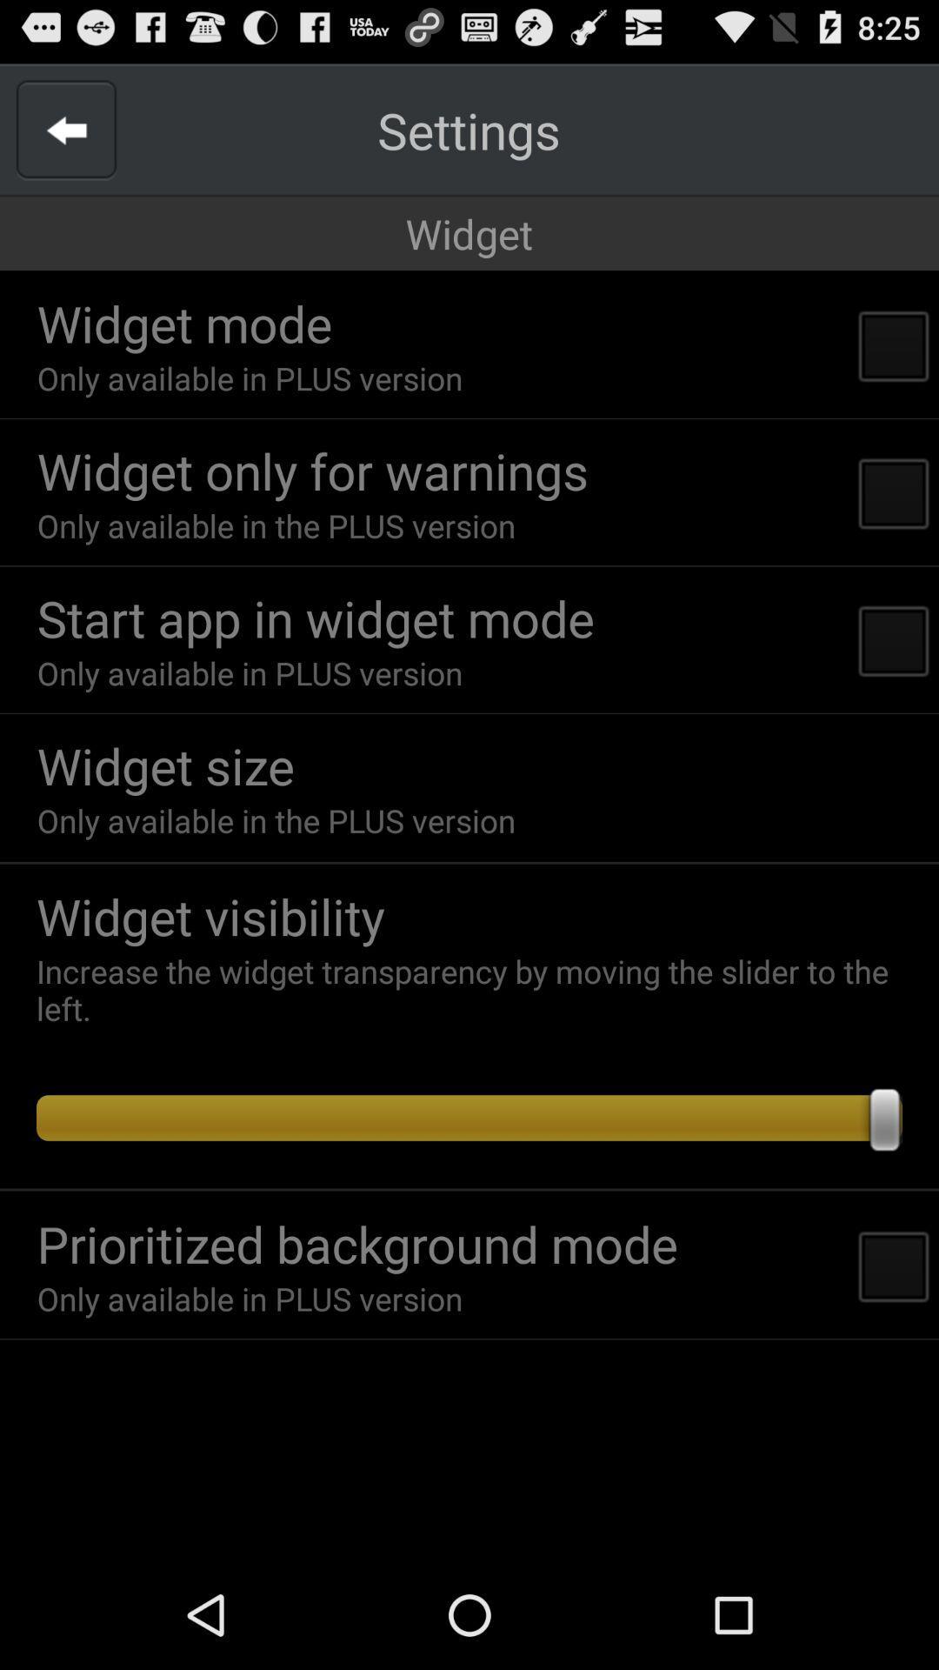 This screenshot has height=1670, width=939. I want to click on settings icon, so click(468, 129).